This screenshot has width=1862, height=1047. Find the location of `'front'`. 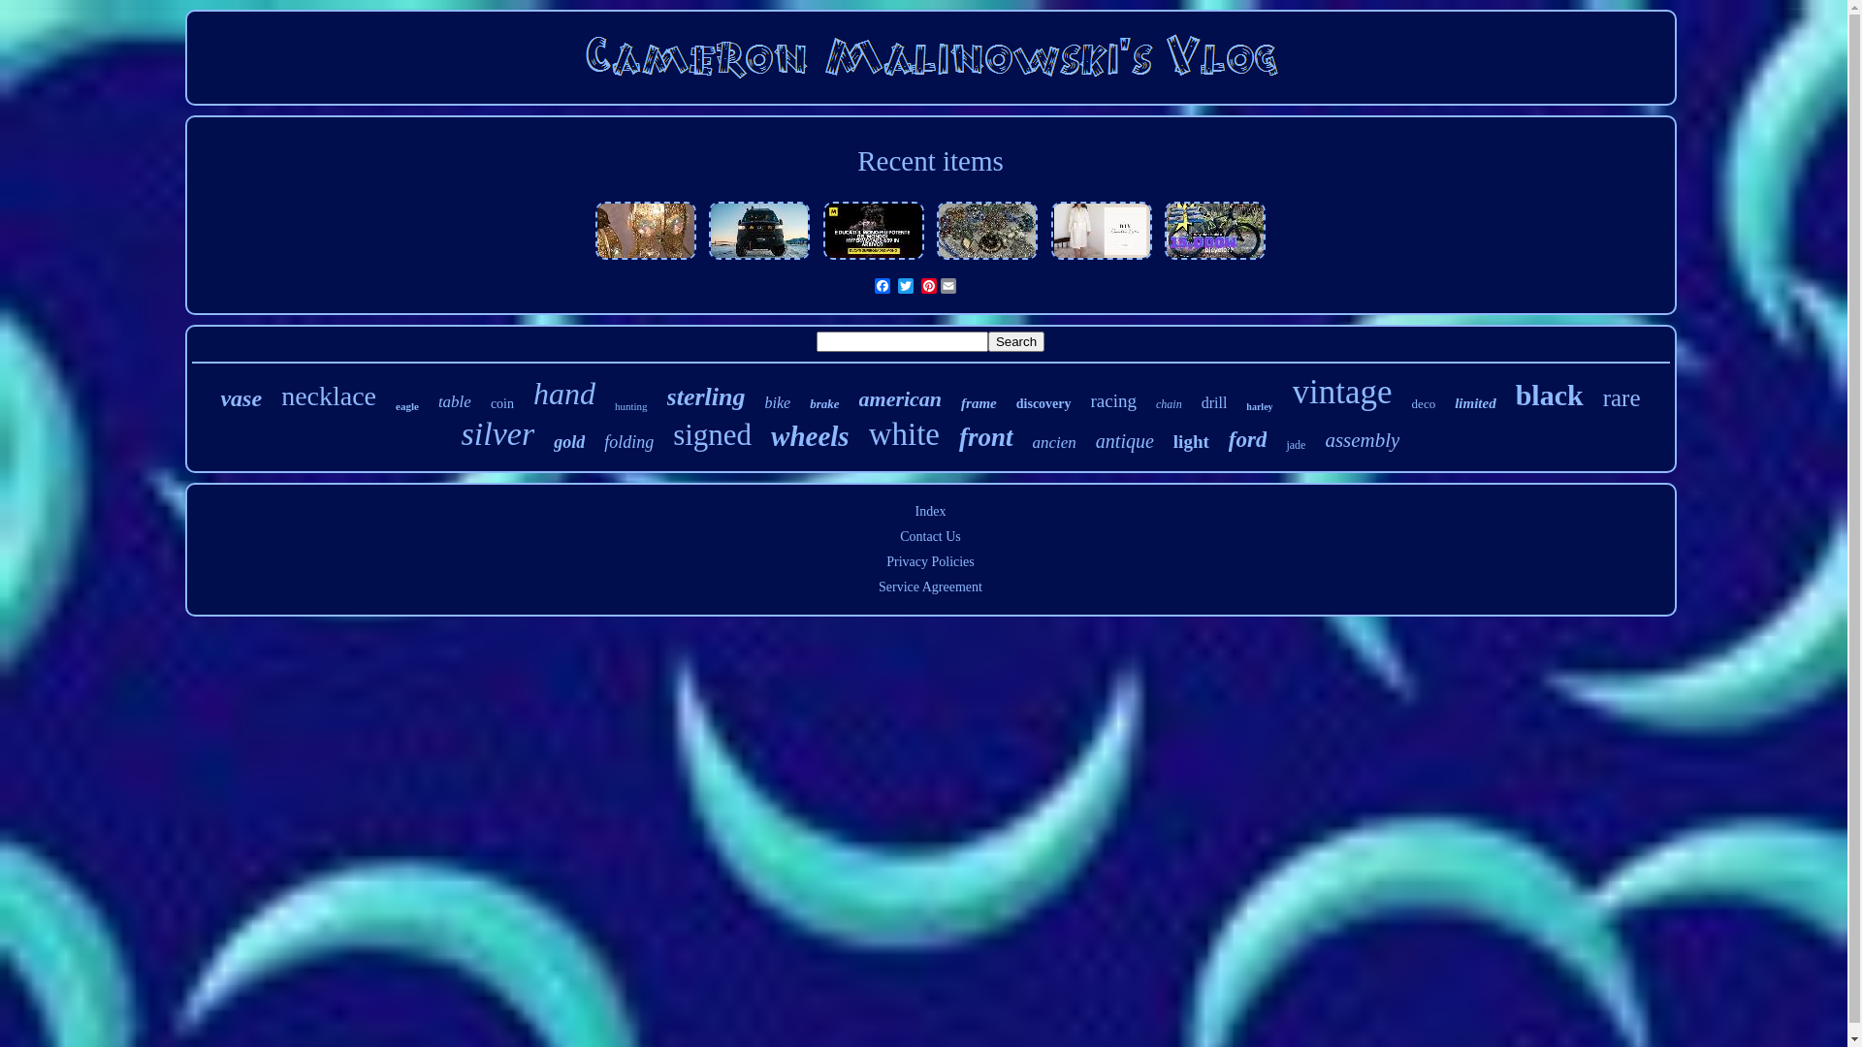

'front' is located at coordinates (986, 437).